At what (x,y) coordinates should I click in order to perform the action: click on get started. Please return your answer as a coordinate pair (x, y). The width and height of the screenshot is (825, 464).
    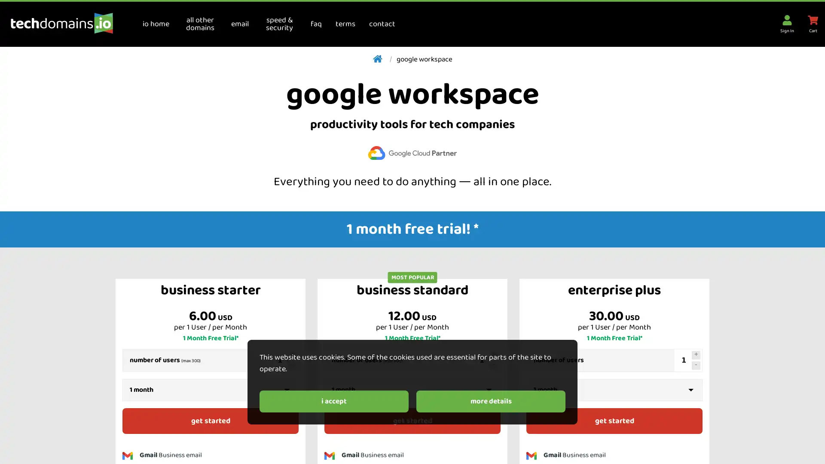
    Looking at the image, I should click on (614, 420).